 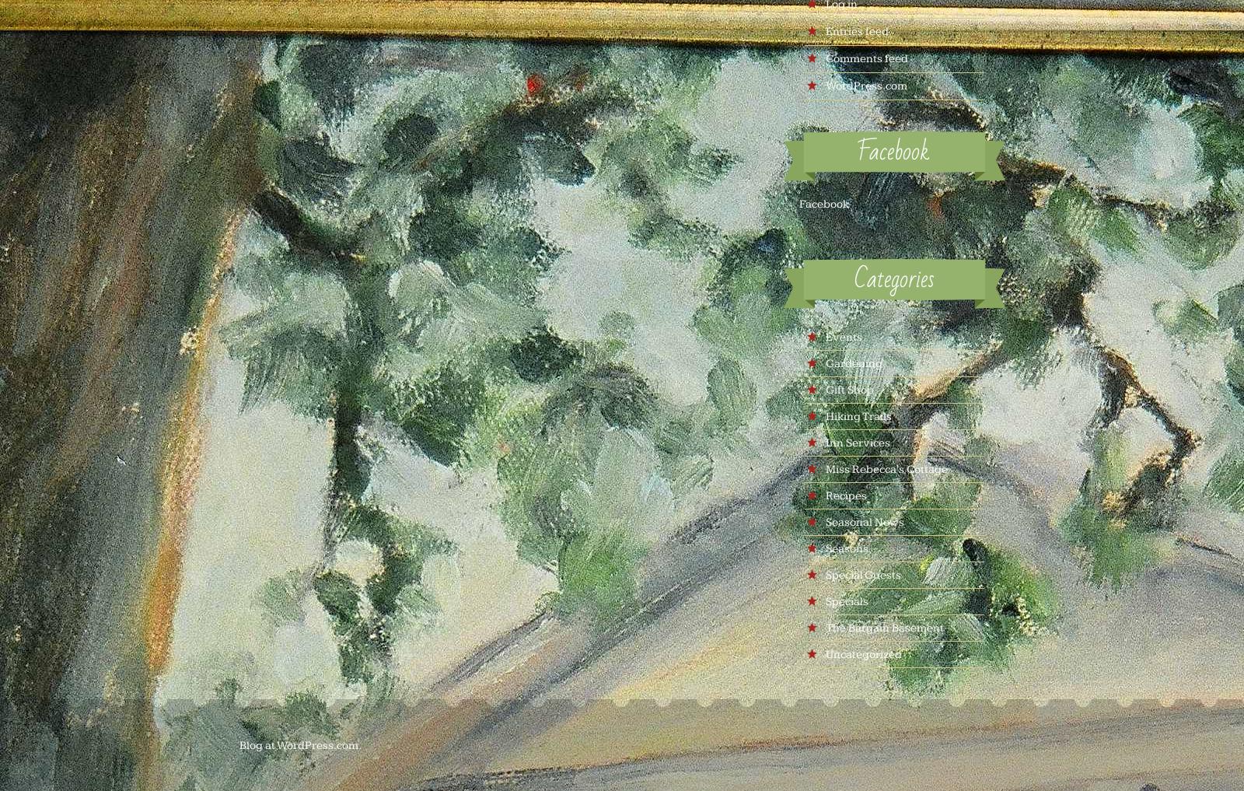 I want to click on 'Categories', so click(x=893, y=278).